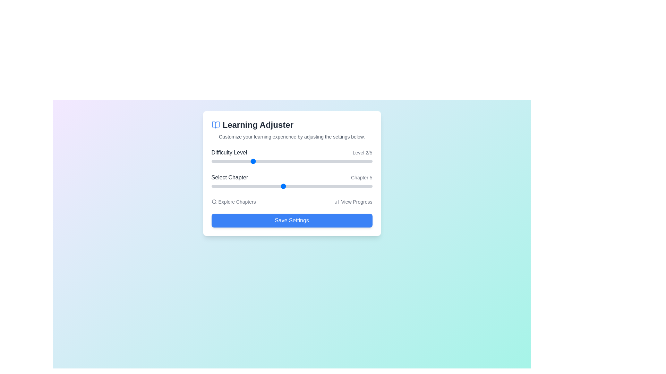  I want to click on the decorative icon part of the book that represents the right page, located adjacent to the 'Learning Adjuster' section header, so click(215, 125).